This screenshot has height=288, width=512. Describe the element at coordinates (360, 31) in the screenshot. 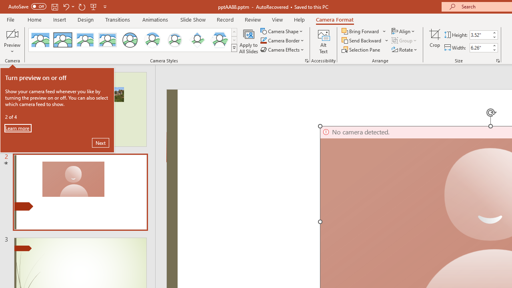

I see `'Bring Forward'` at that location.